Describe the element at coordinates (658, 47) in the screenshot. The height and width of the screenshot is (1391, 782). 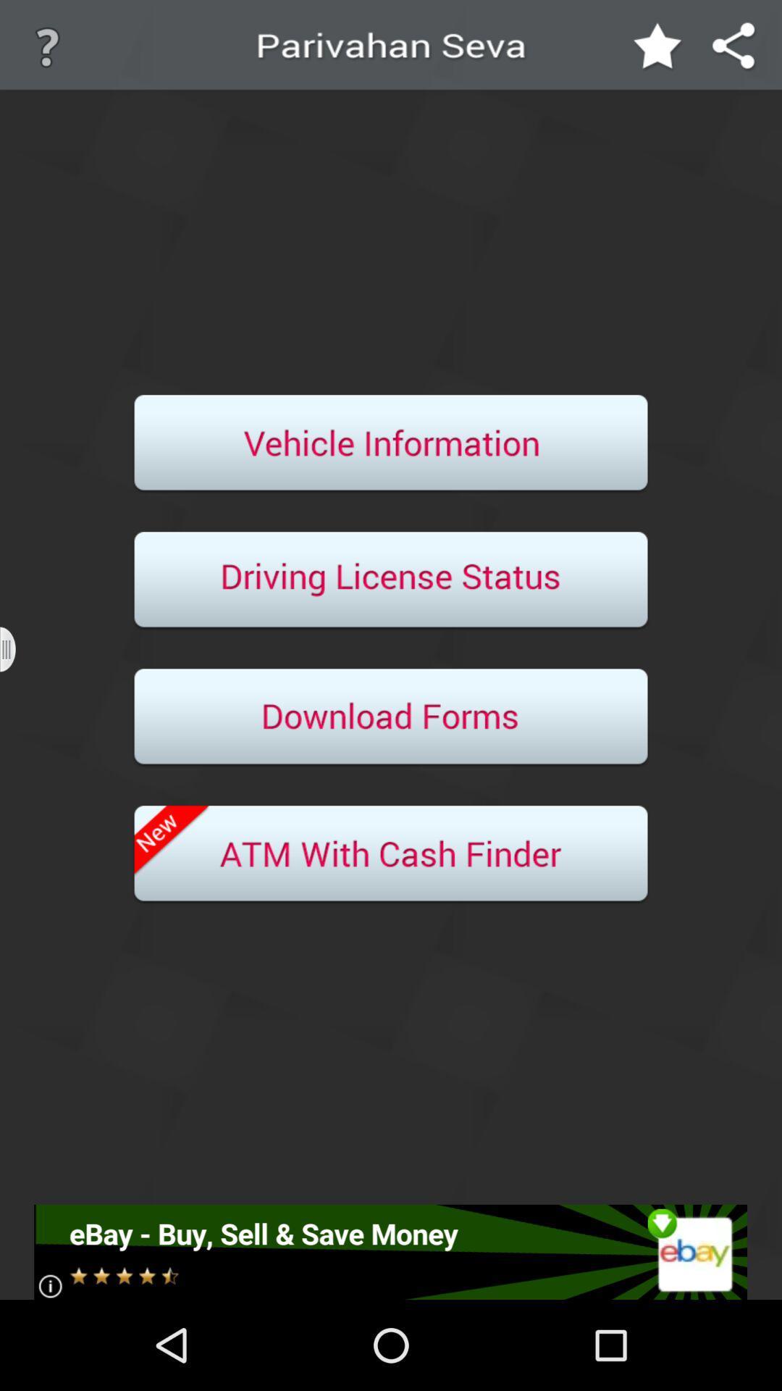
I see `star this item` at that location.